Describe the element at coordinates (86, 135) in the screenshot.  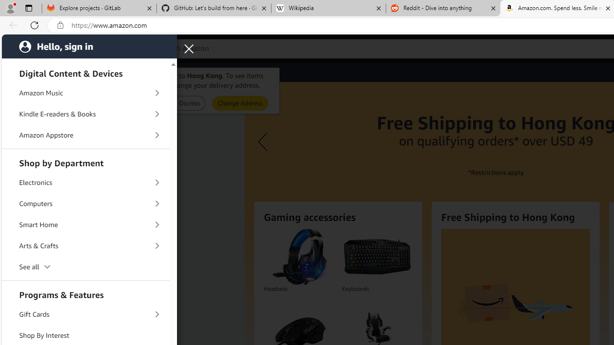
I see `'Amazon Appstore'` at that location.